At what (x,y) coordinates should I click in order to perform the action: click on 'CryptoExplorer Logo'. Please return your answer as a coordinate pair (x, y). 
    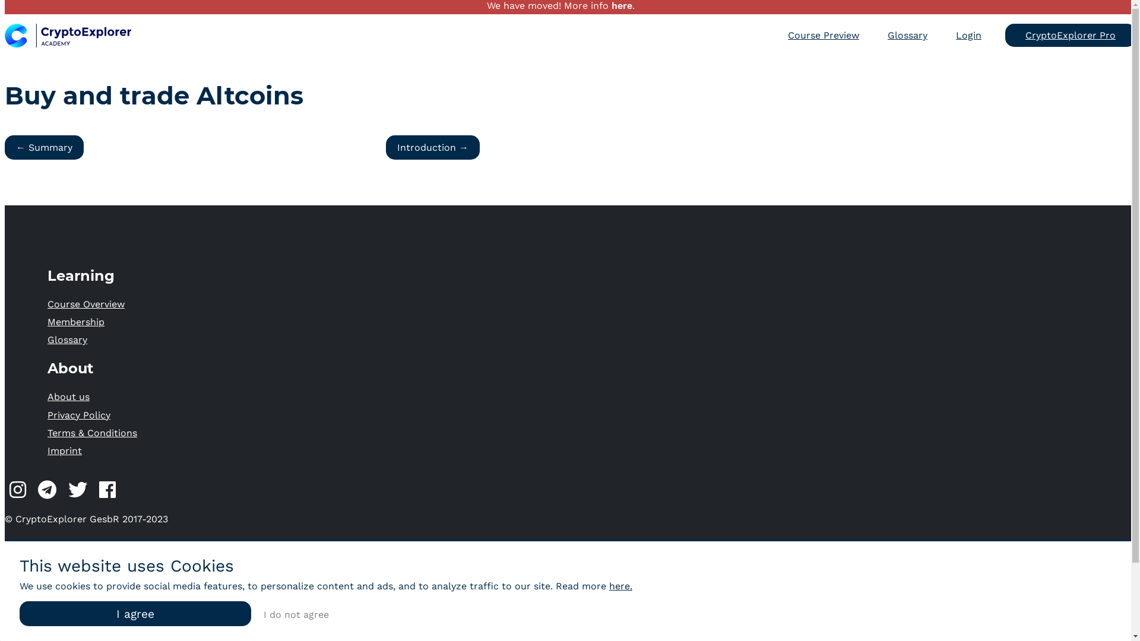
    Looking at the image, I should click on (67, 35).